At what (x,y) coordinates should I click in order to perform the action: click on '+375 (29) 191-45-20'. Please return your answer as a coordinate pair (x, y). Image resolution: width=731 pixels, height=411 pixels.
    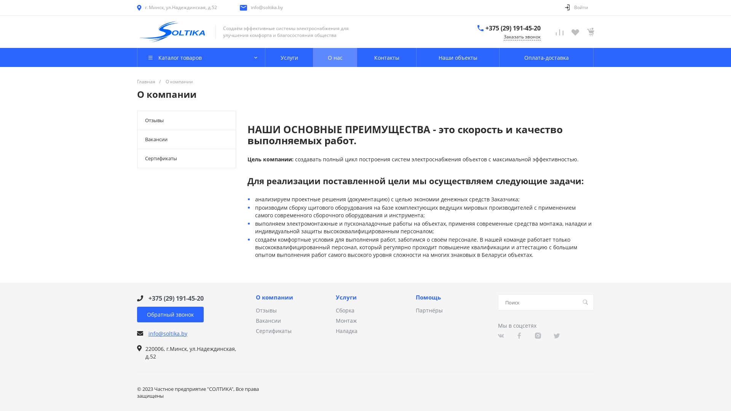
    Looking at the image, I should click on (513, 27).